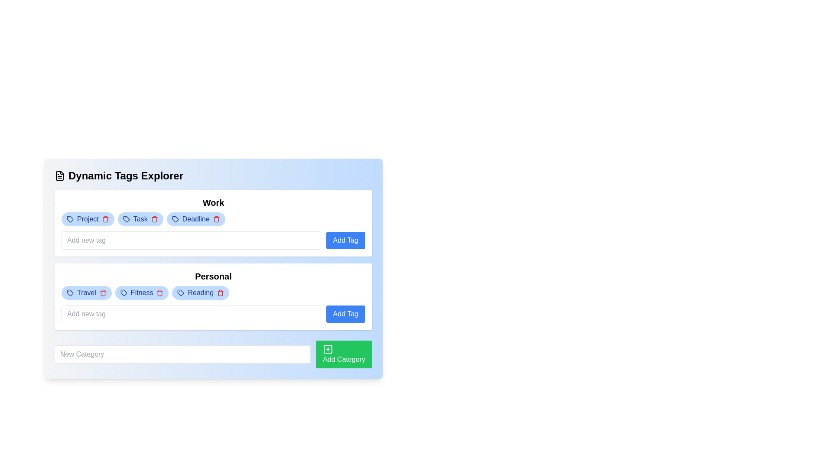  Describe the element at coordinates (195, 218) in the screenshot. I see `the red delete icon on the right side of the pill-shaped tag labeled 'Deadline' in the upper-row of tags under the 'Work' section` at that location.